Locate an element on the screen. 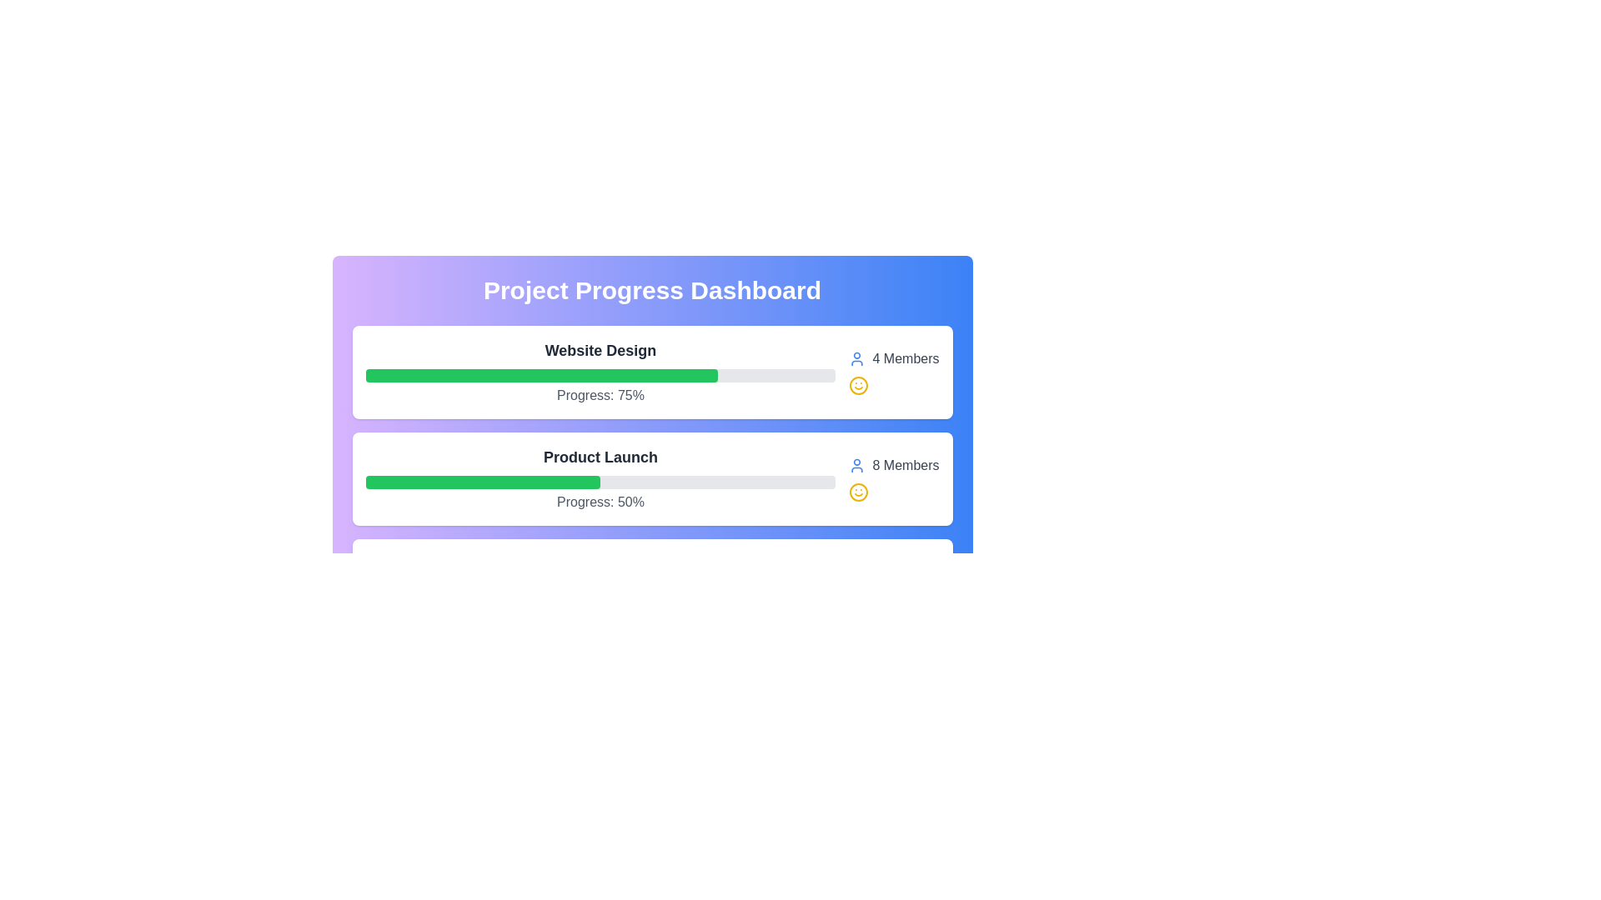 The image size is (1601, 900). the text label indicating 'Website Design' in the first progress section of the dashboard, which is located above the progress bar and the 'Progress: 75%' label is located at coordinates (600, 349).